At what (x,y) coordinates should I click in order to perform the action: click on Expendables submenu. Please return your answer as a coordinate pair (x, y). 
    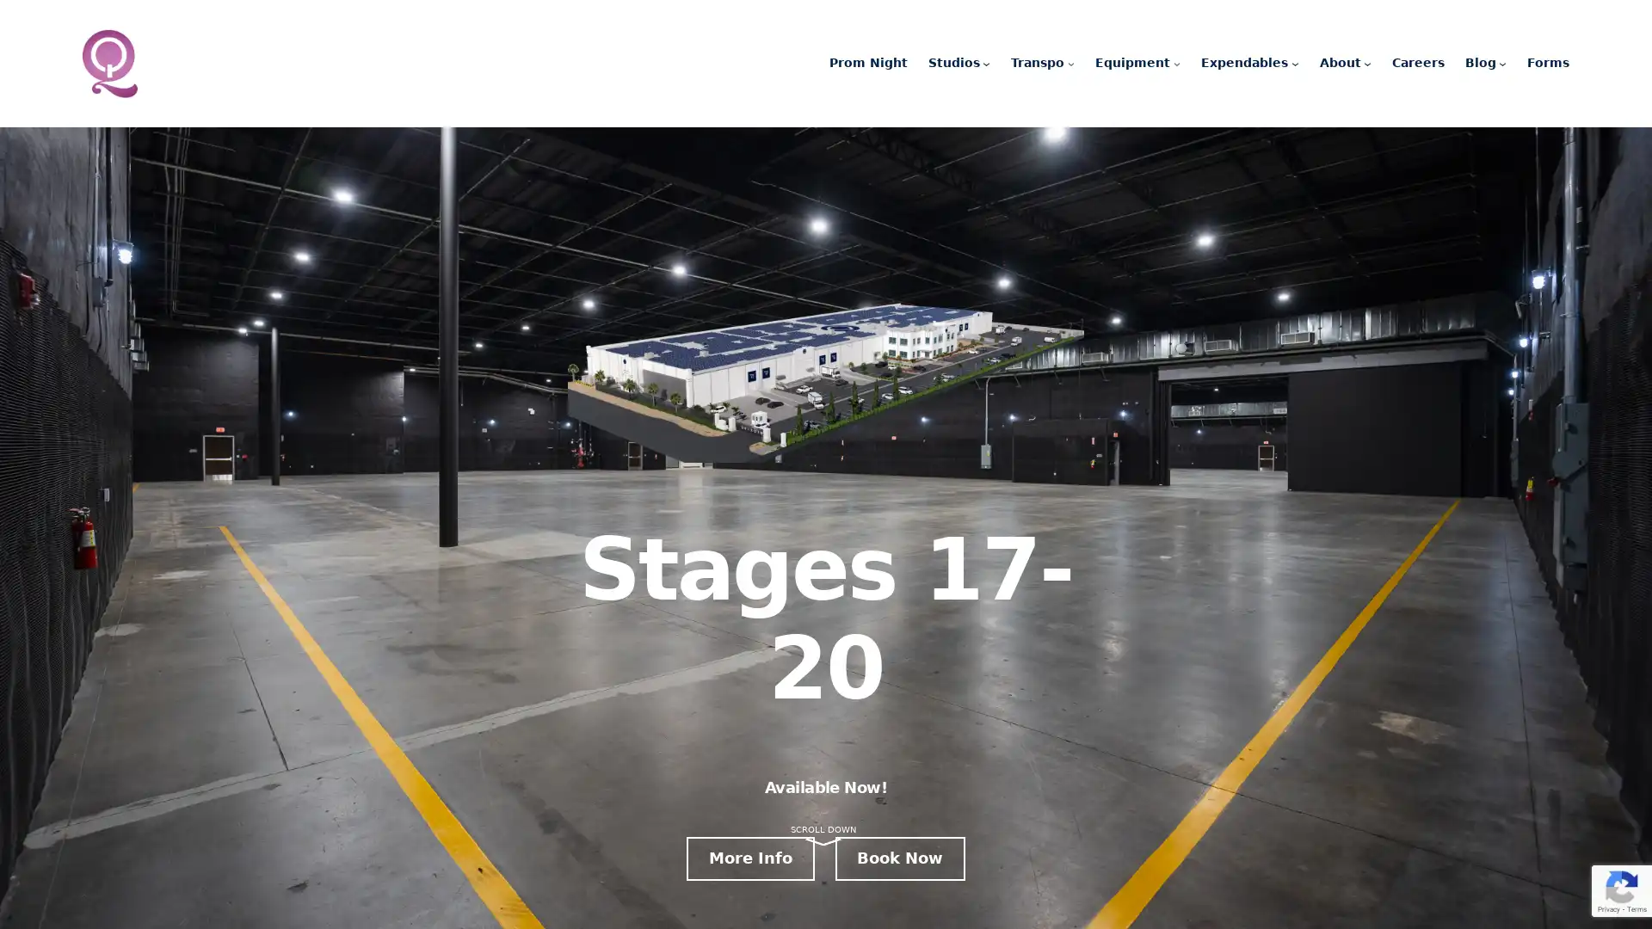
    Looking at the image, I should click on (1294, 62).